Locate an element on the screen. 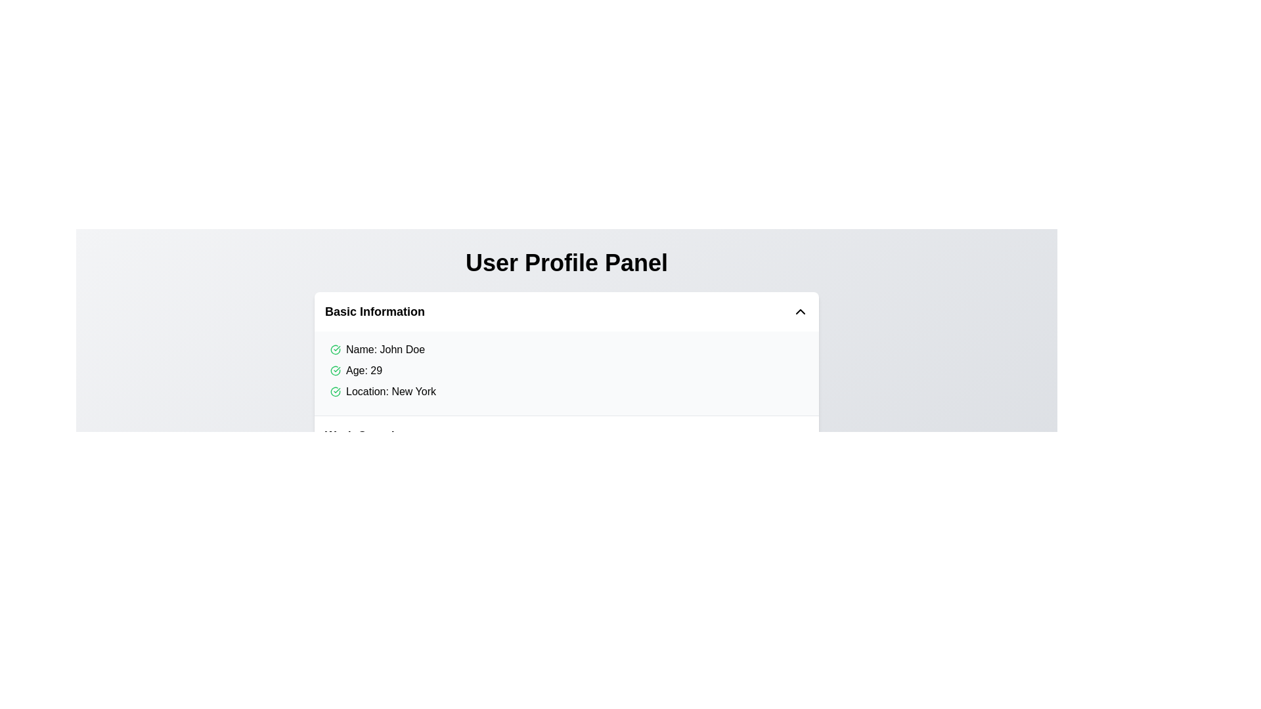  the static text label displaying 'Name: John Doe', which is located under the 'Basic Information' heading and is the first row in the vertical list is located at coordinates (384, 349).